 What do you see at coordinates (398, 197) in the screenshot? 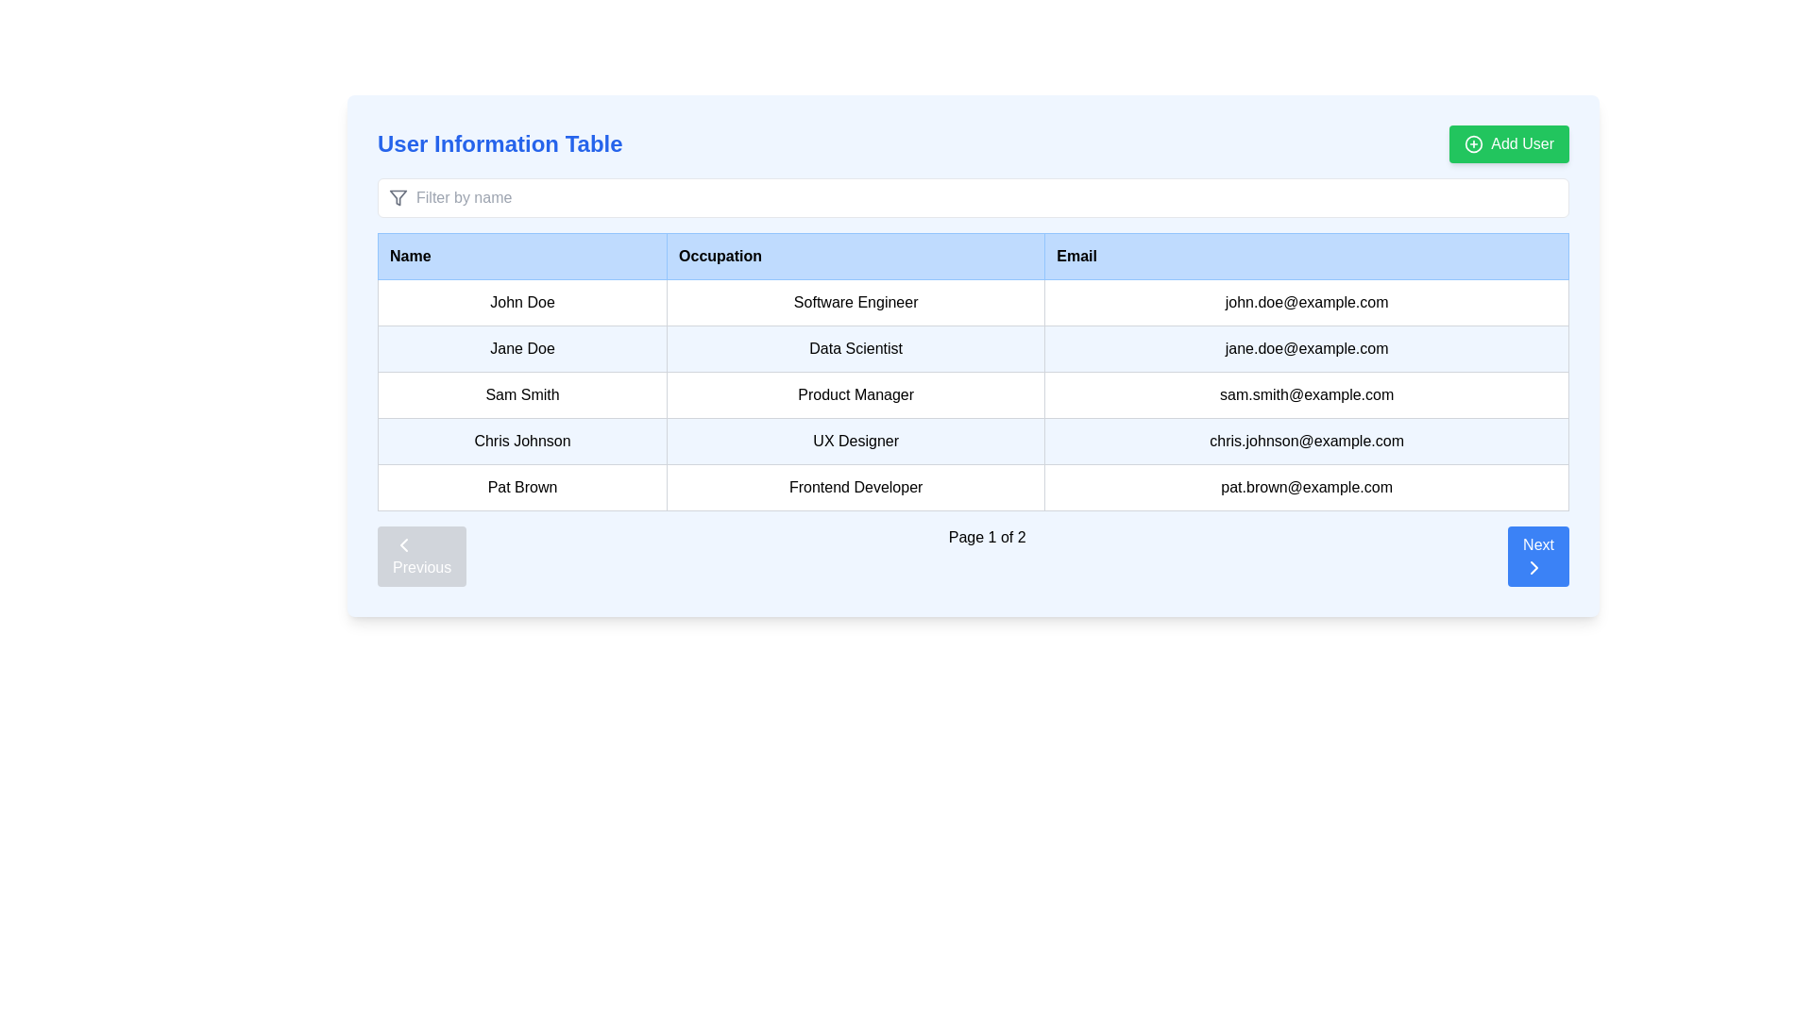
I see `the filter icon positioned to the left of the 'Filter by name' text input field` at bounding box center [398, 197].